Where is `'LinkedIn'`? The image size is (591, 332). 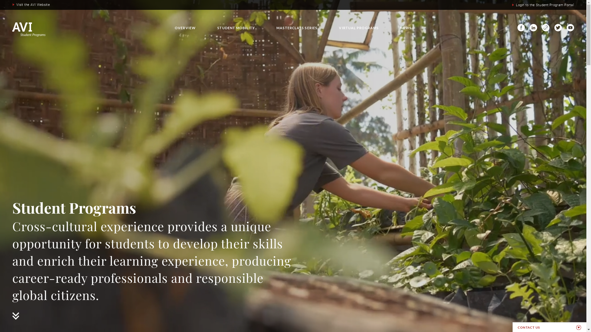 'LinkedIn' is located at coordinates (533, 27).